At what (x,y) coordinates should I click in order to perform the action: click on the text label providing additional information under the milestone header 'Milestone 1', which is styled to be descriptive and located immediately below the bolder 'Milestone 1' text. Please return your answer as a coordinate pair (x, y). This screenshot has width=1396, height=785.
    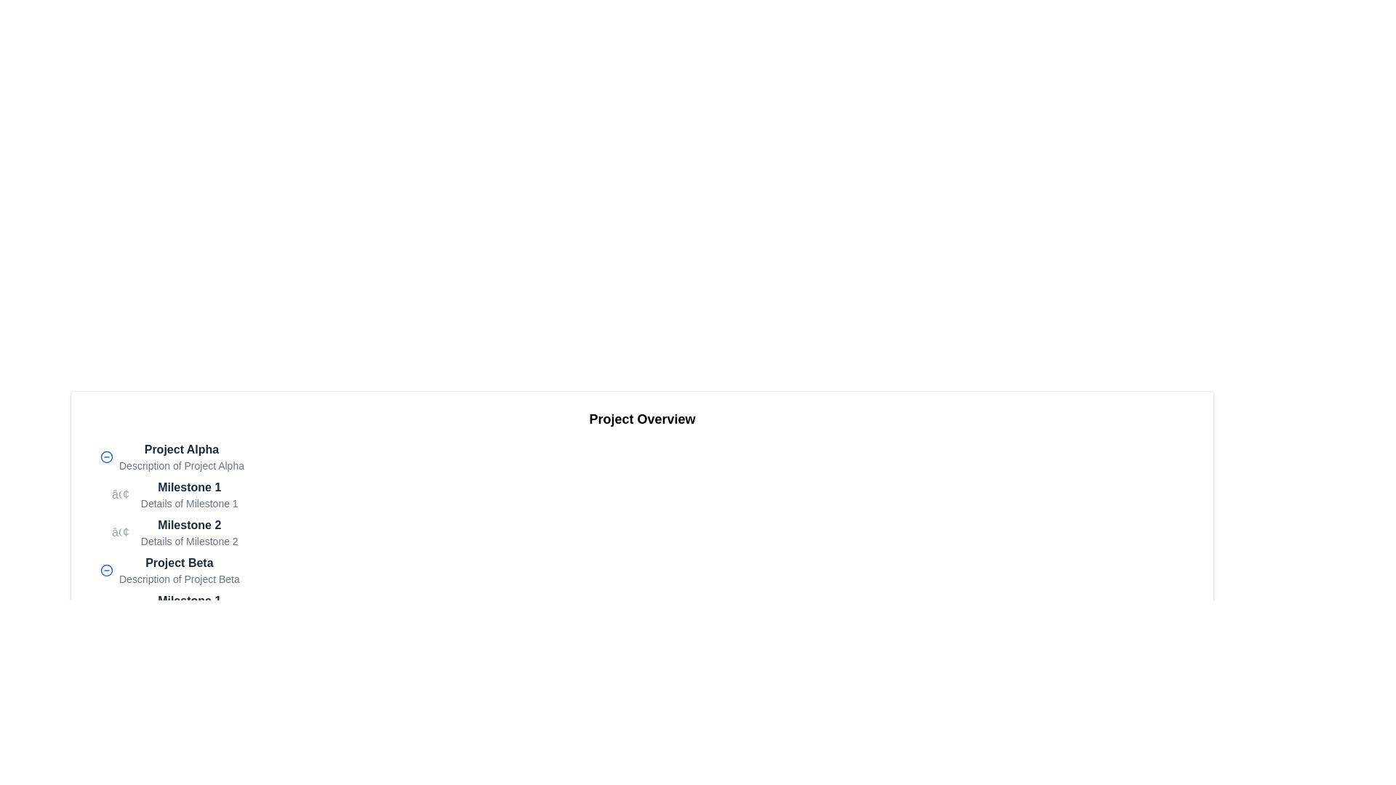
    Looking at the image, I should click on (188, 503).